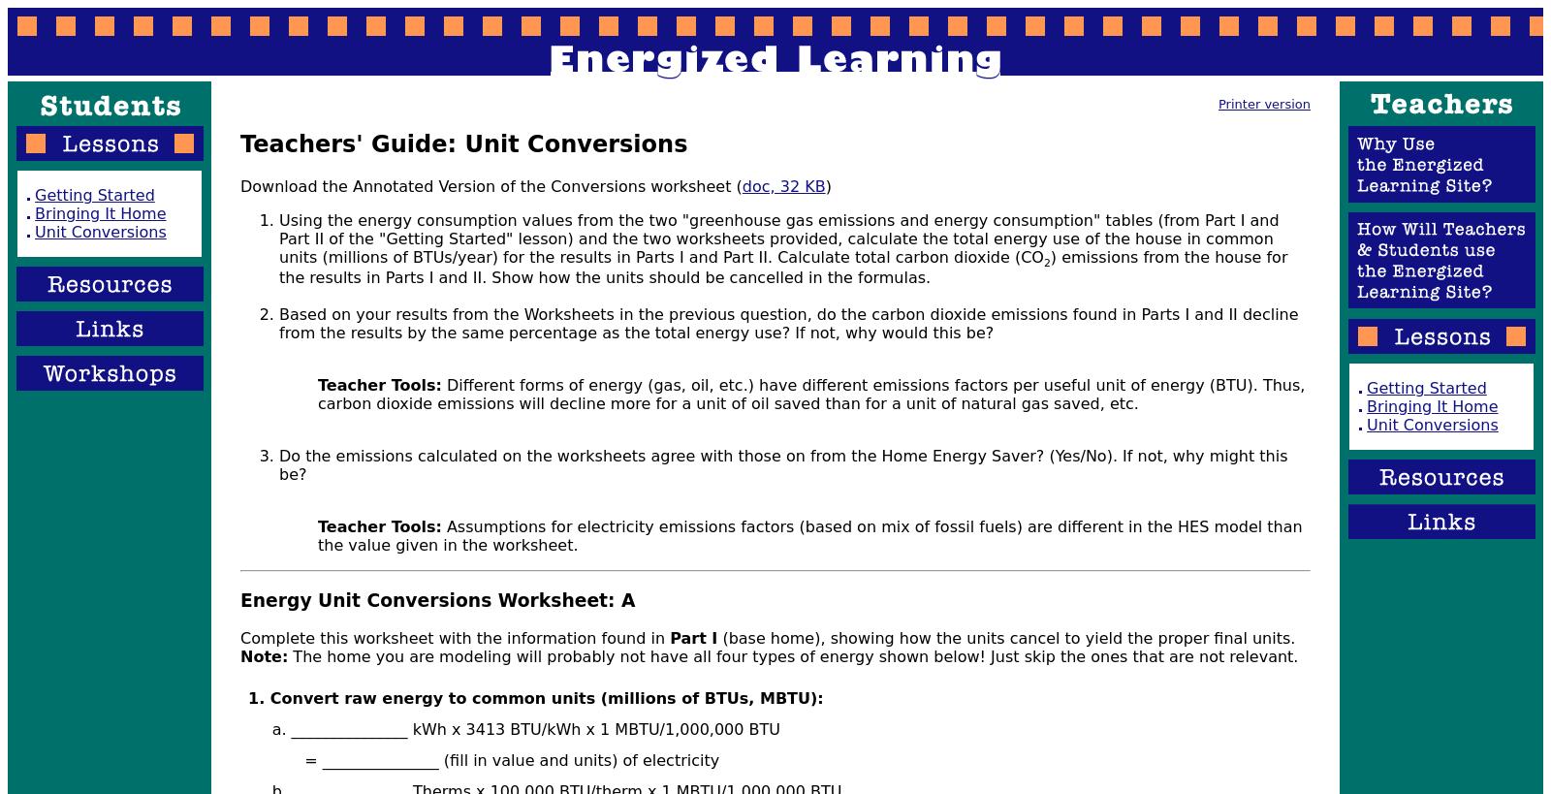  Describe the element at coordinates (826, 185) in the screenshot. I see `')'` at that location.